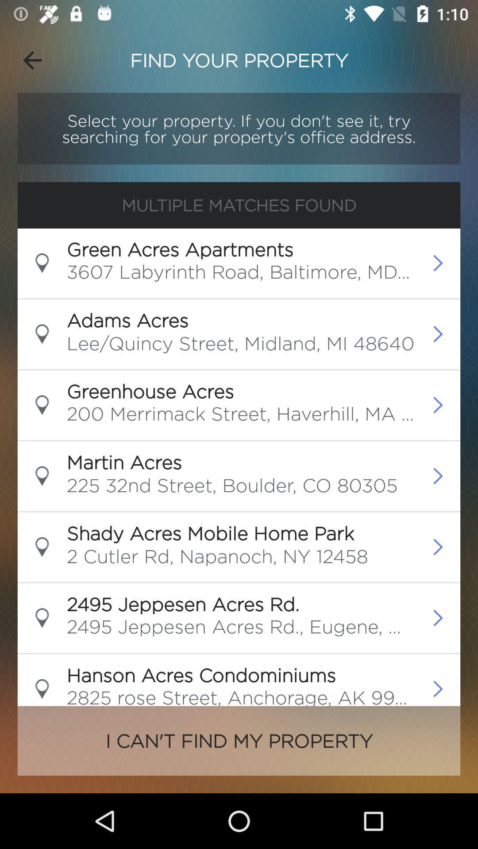 This screenshot has width=478, height=849. What do you see at coordinates (241, 416) in the screenshot?
I see `the 200 merrimack street item` at bounding box center [241, 416].